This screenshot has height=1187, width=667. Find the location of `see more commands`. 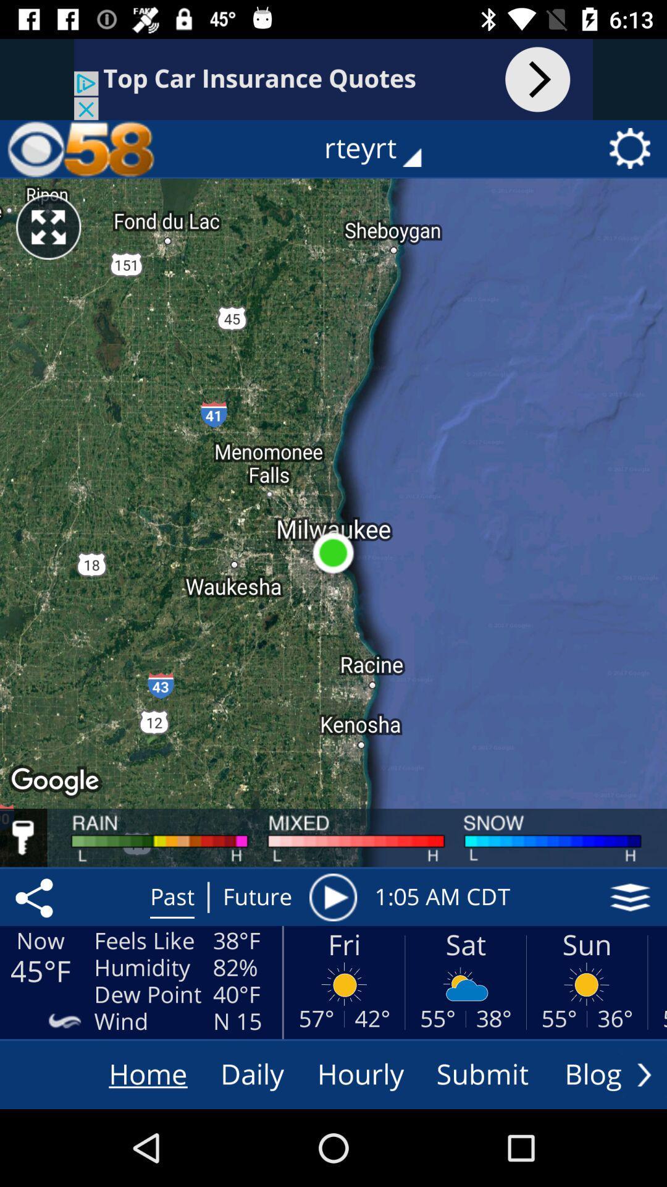

see more commands is located at coordinates (644, 1074).